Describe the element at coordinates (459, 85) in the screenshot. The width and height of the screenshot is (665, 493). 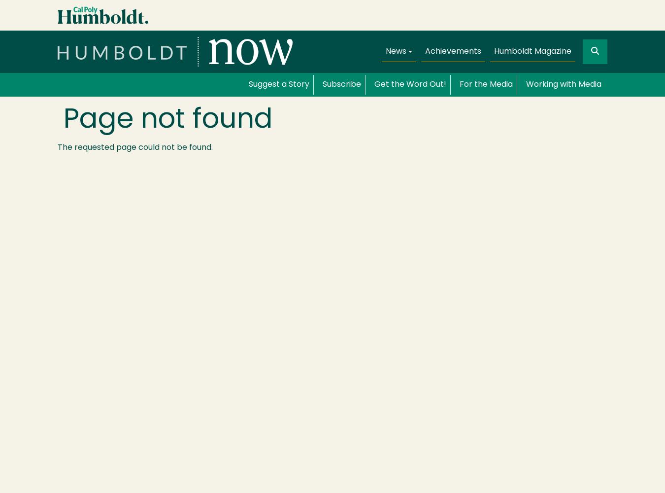
I see `'For the Media'` at that location.